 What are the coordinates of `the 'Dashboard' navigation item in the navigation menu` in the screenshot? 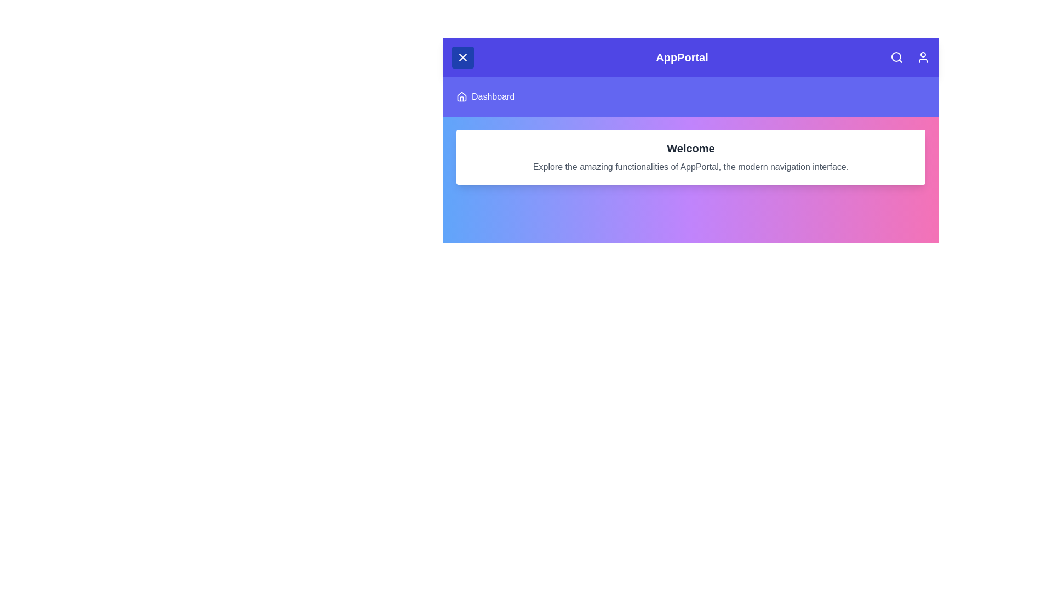 It's located at (493, 96).